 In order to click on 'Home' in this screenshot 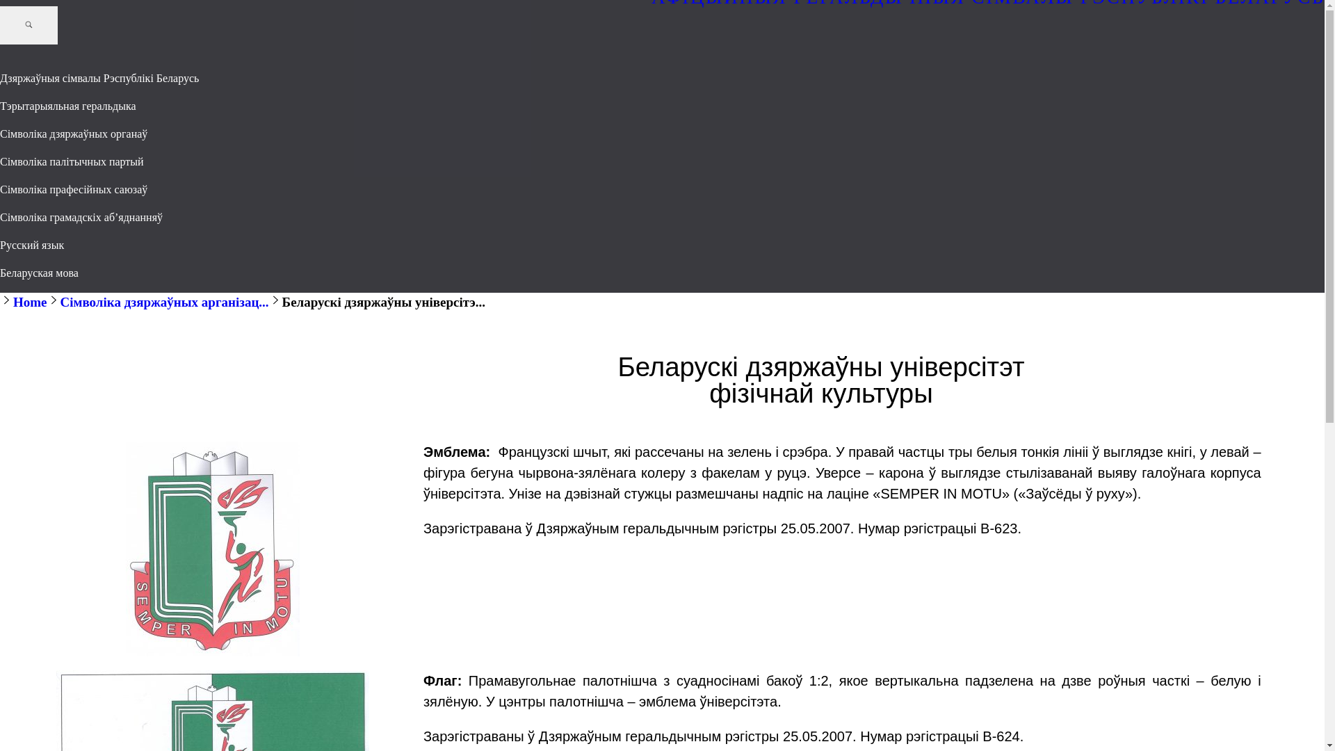, I will do `click(30, 301)`.